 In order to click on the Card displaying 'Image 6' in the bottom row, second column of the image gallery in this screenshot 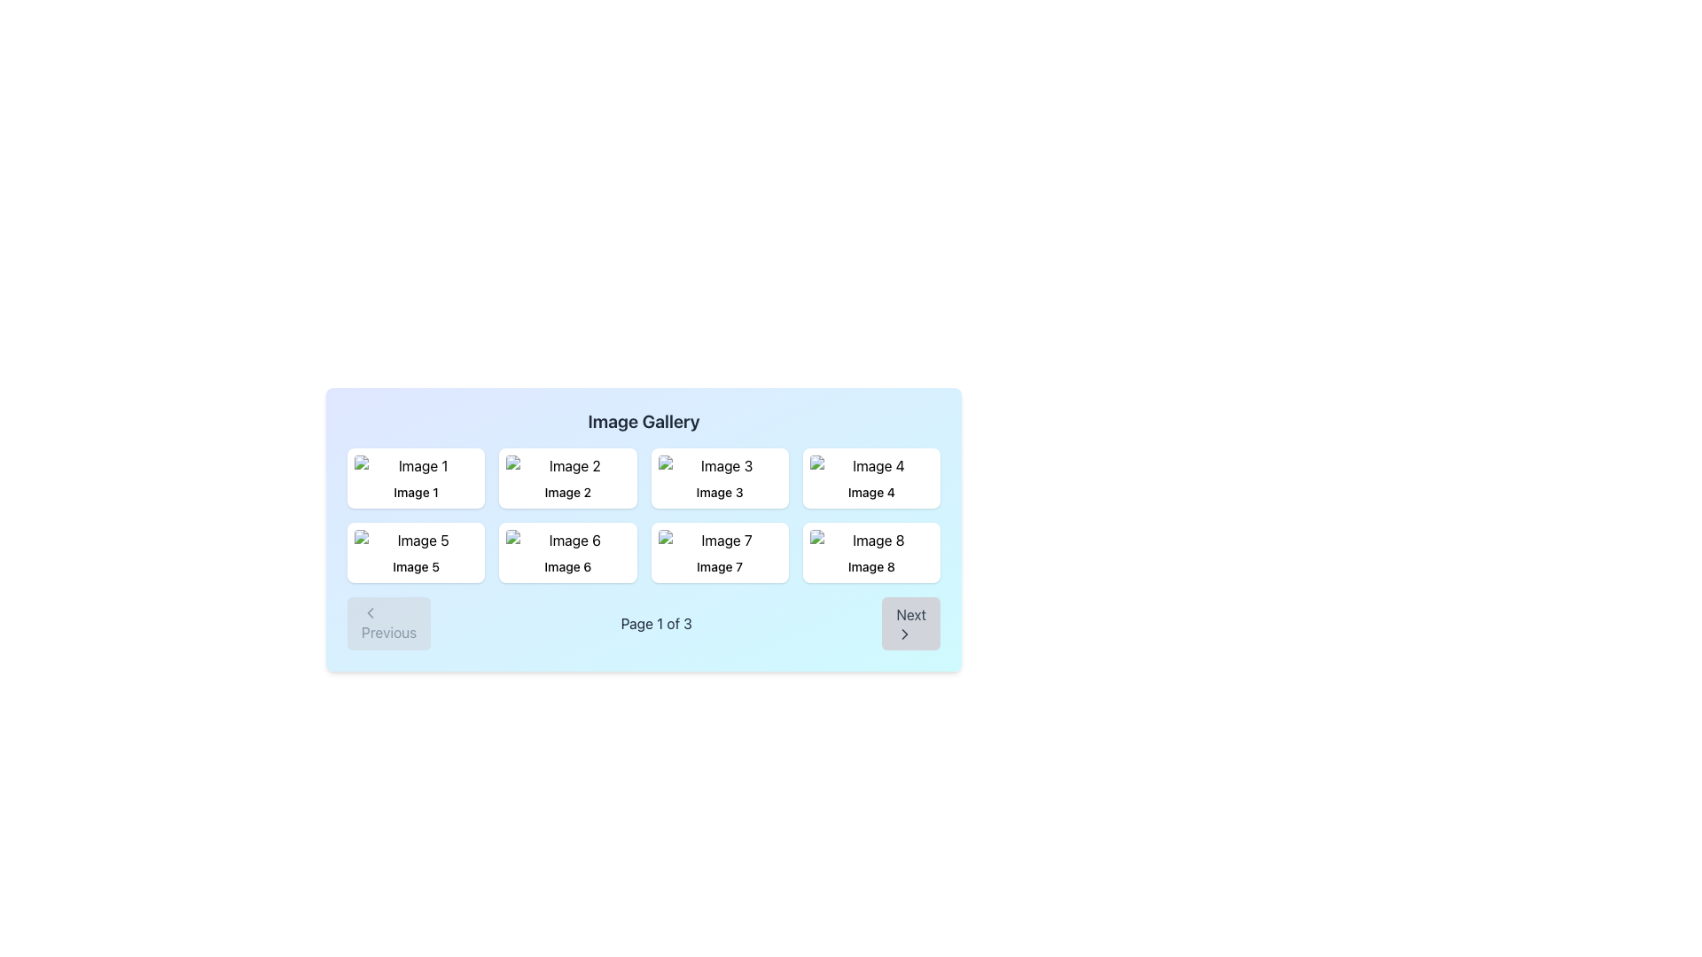, I will do `click(567, 552)`.